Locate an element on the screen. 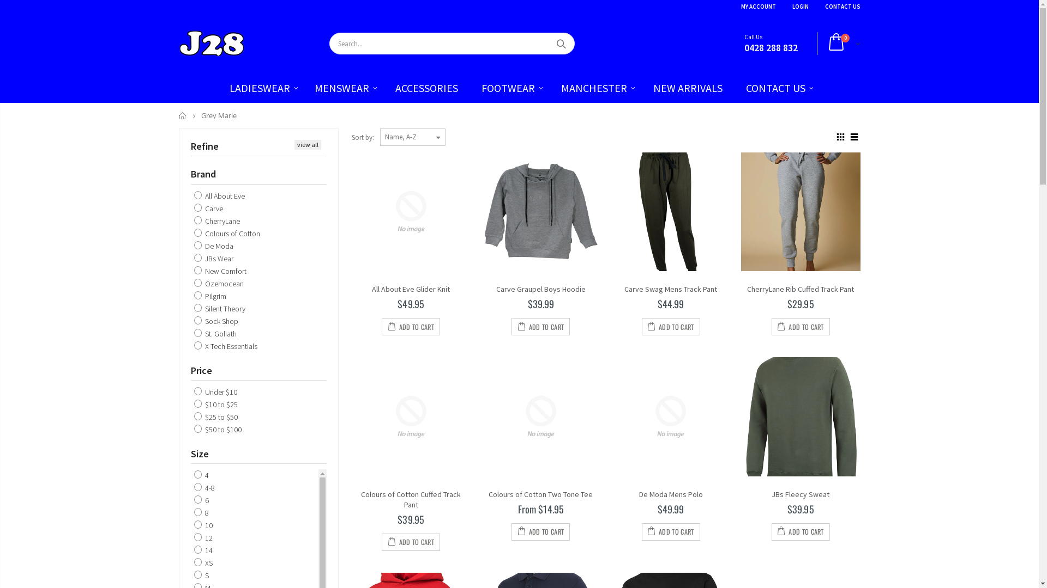 Image resolution: width=1047 pixels, height=588 pixels. 'Carve' is located at coordinates (208, 208).